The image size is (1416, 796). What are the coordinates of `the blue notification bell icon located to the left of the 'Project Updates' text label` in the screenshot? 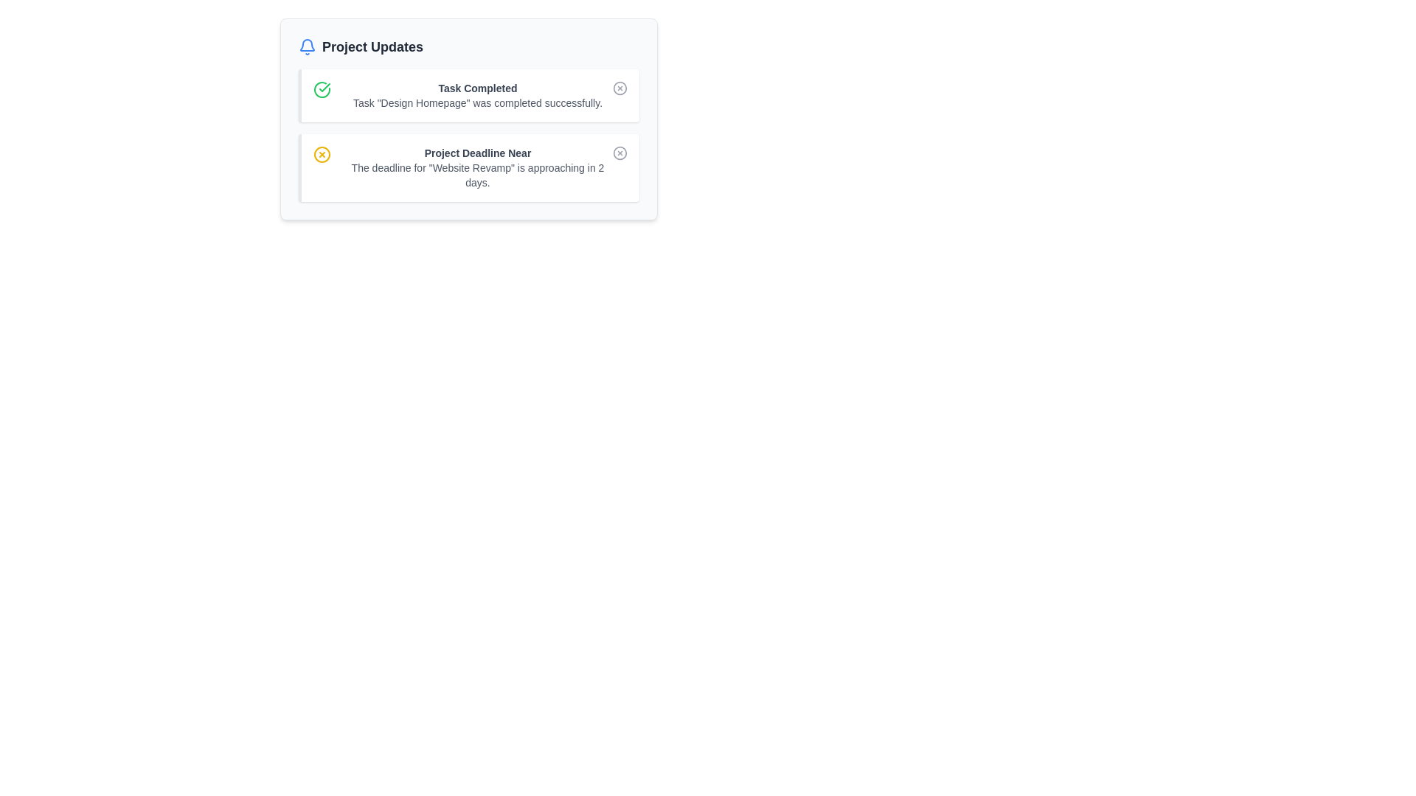 It's located at (307, 46).